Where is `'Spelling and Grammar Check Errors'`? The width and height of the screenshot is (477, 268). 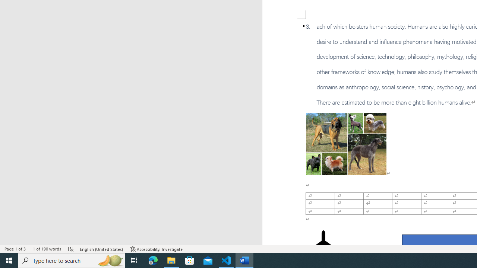 'Spelling and Grammar Check Errors' is located at coordinates (71, 249).